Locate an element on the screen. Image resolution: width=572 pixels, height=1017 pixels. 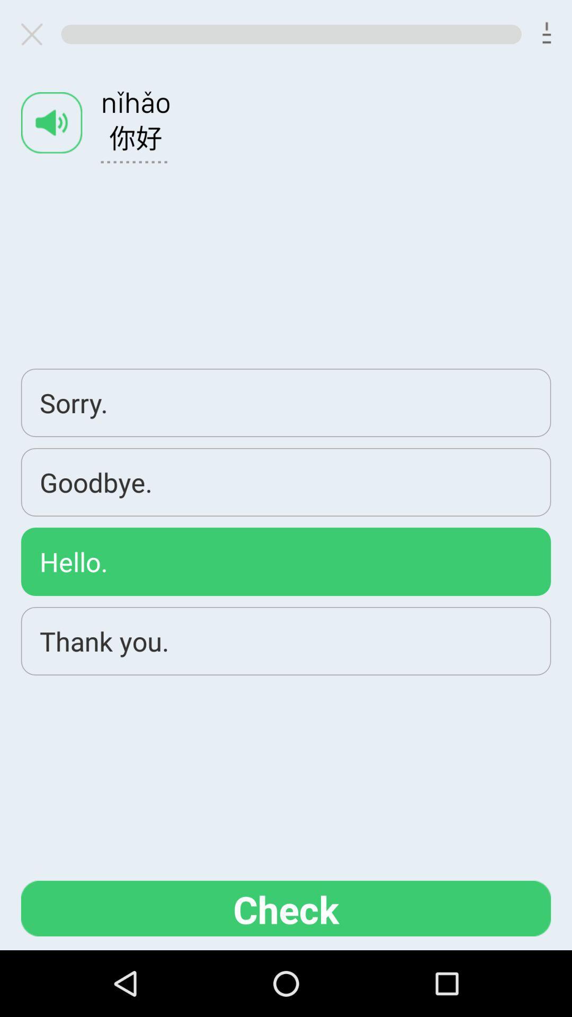
speak is located at coordinates (51, 122).